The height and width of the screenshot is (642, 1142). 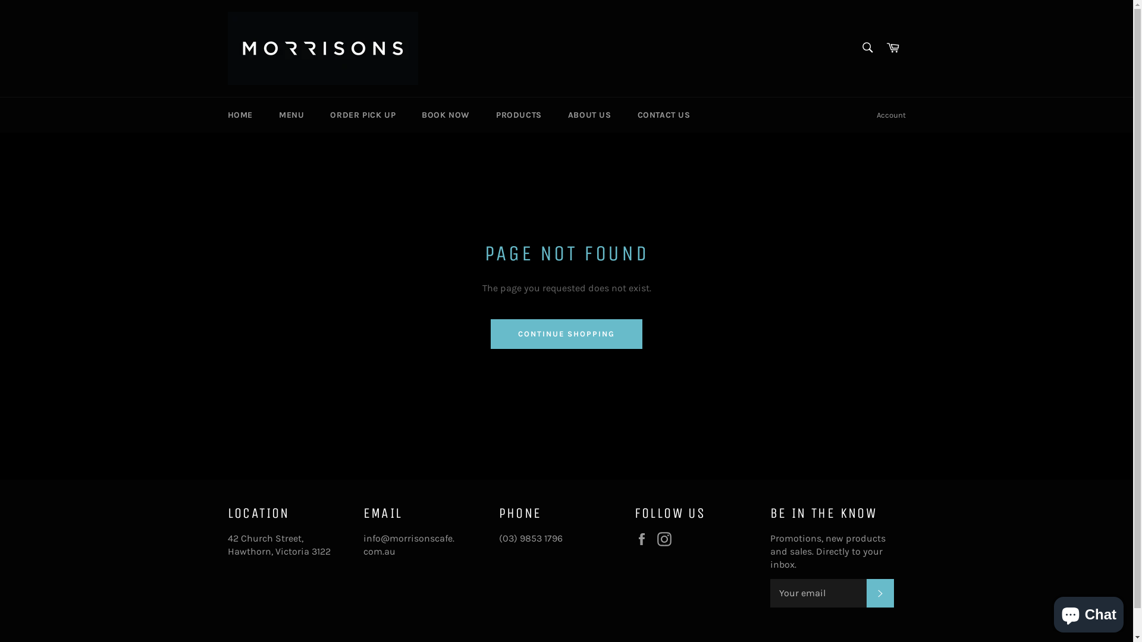 What do you see at coordinates (589, 115) in the screenshot?
I see `'ABOUT US'` at bounding box center [589, 115].